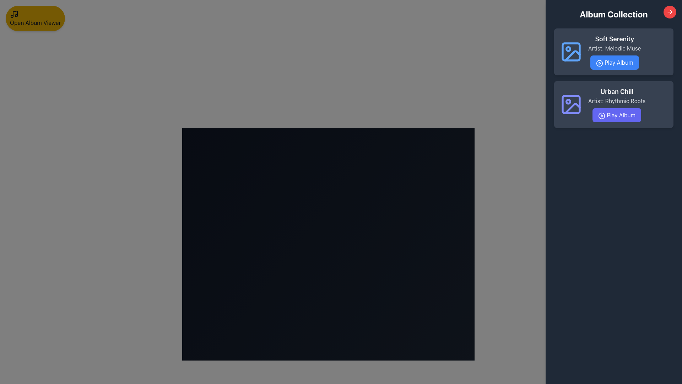 This screenshot has height=384, width=682. Describe the element at coordinates (616, 91) in the screenshot. I see `text label displaying 'Urban Chill' which is the title of the second album card in the album collection section` at that location.